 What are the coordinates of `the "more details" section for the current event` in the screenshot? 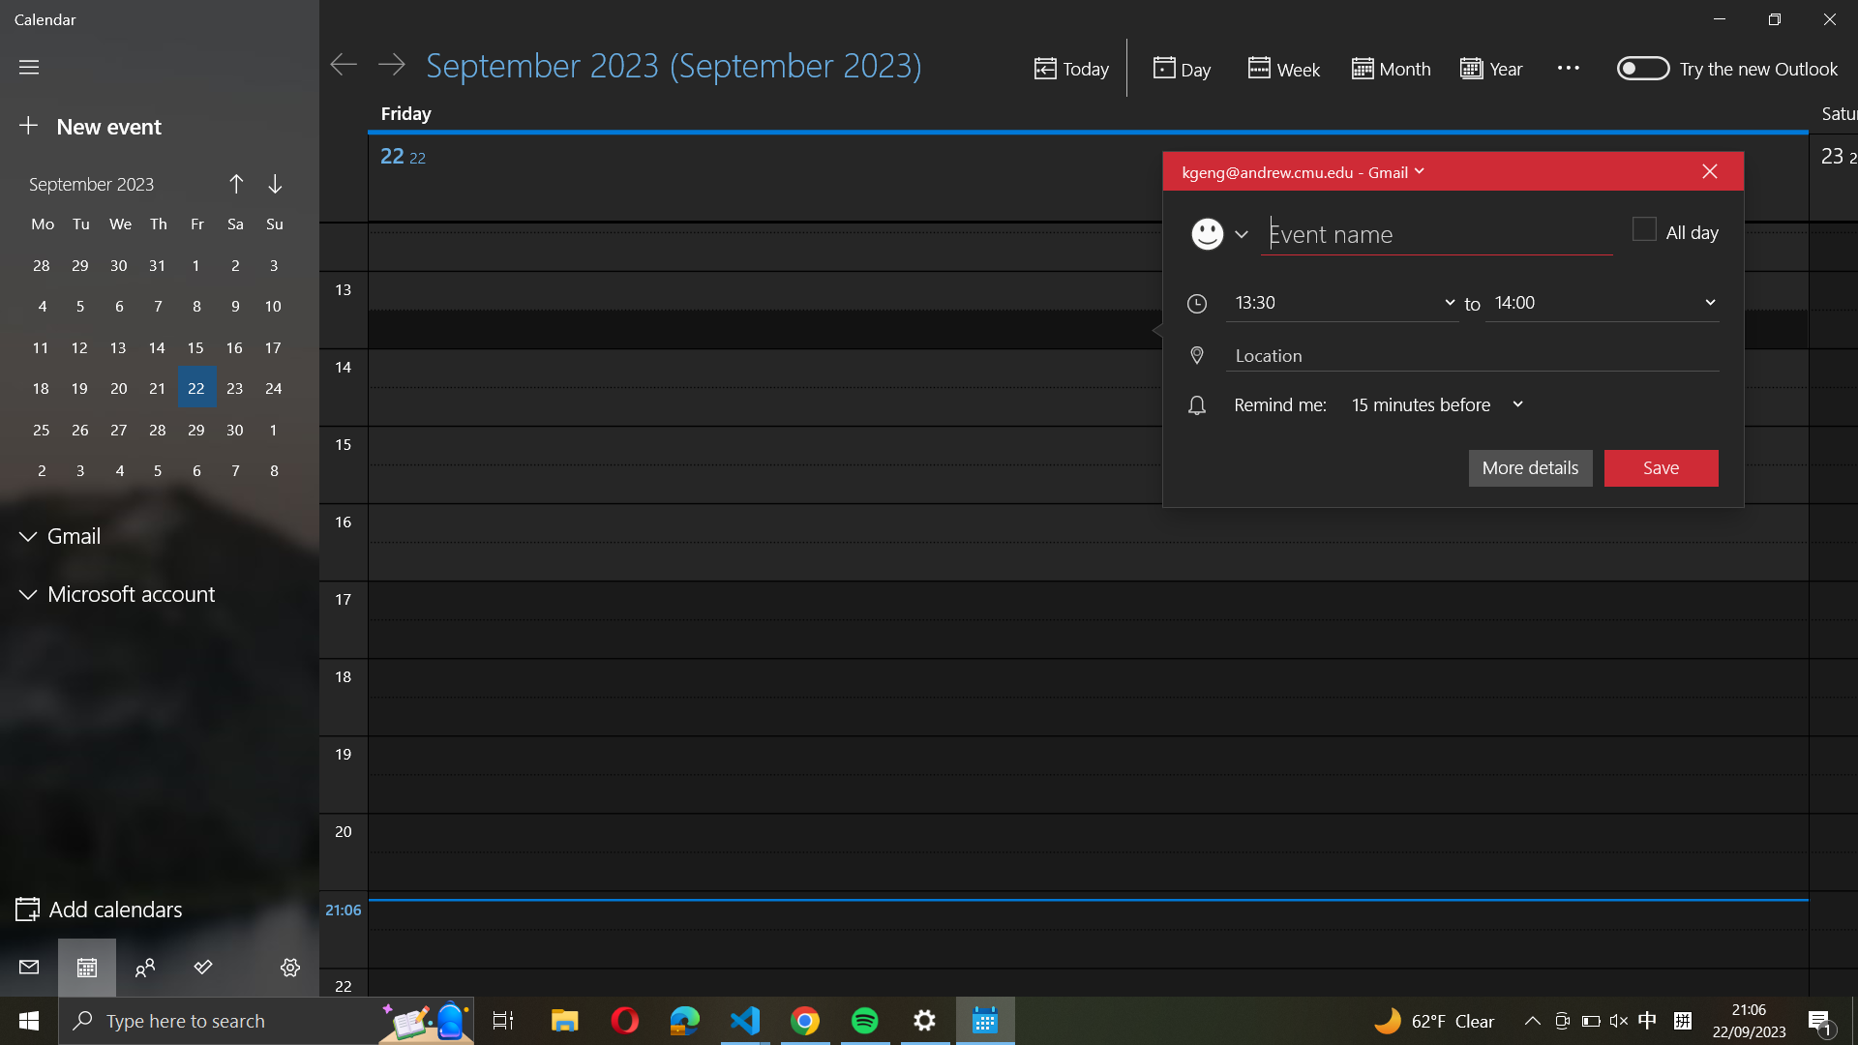 It's located at (1529, 465).